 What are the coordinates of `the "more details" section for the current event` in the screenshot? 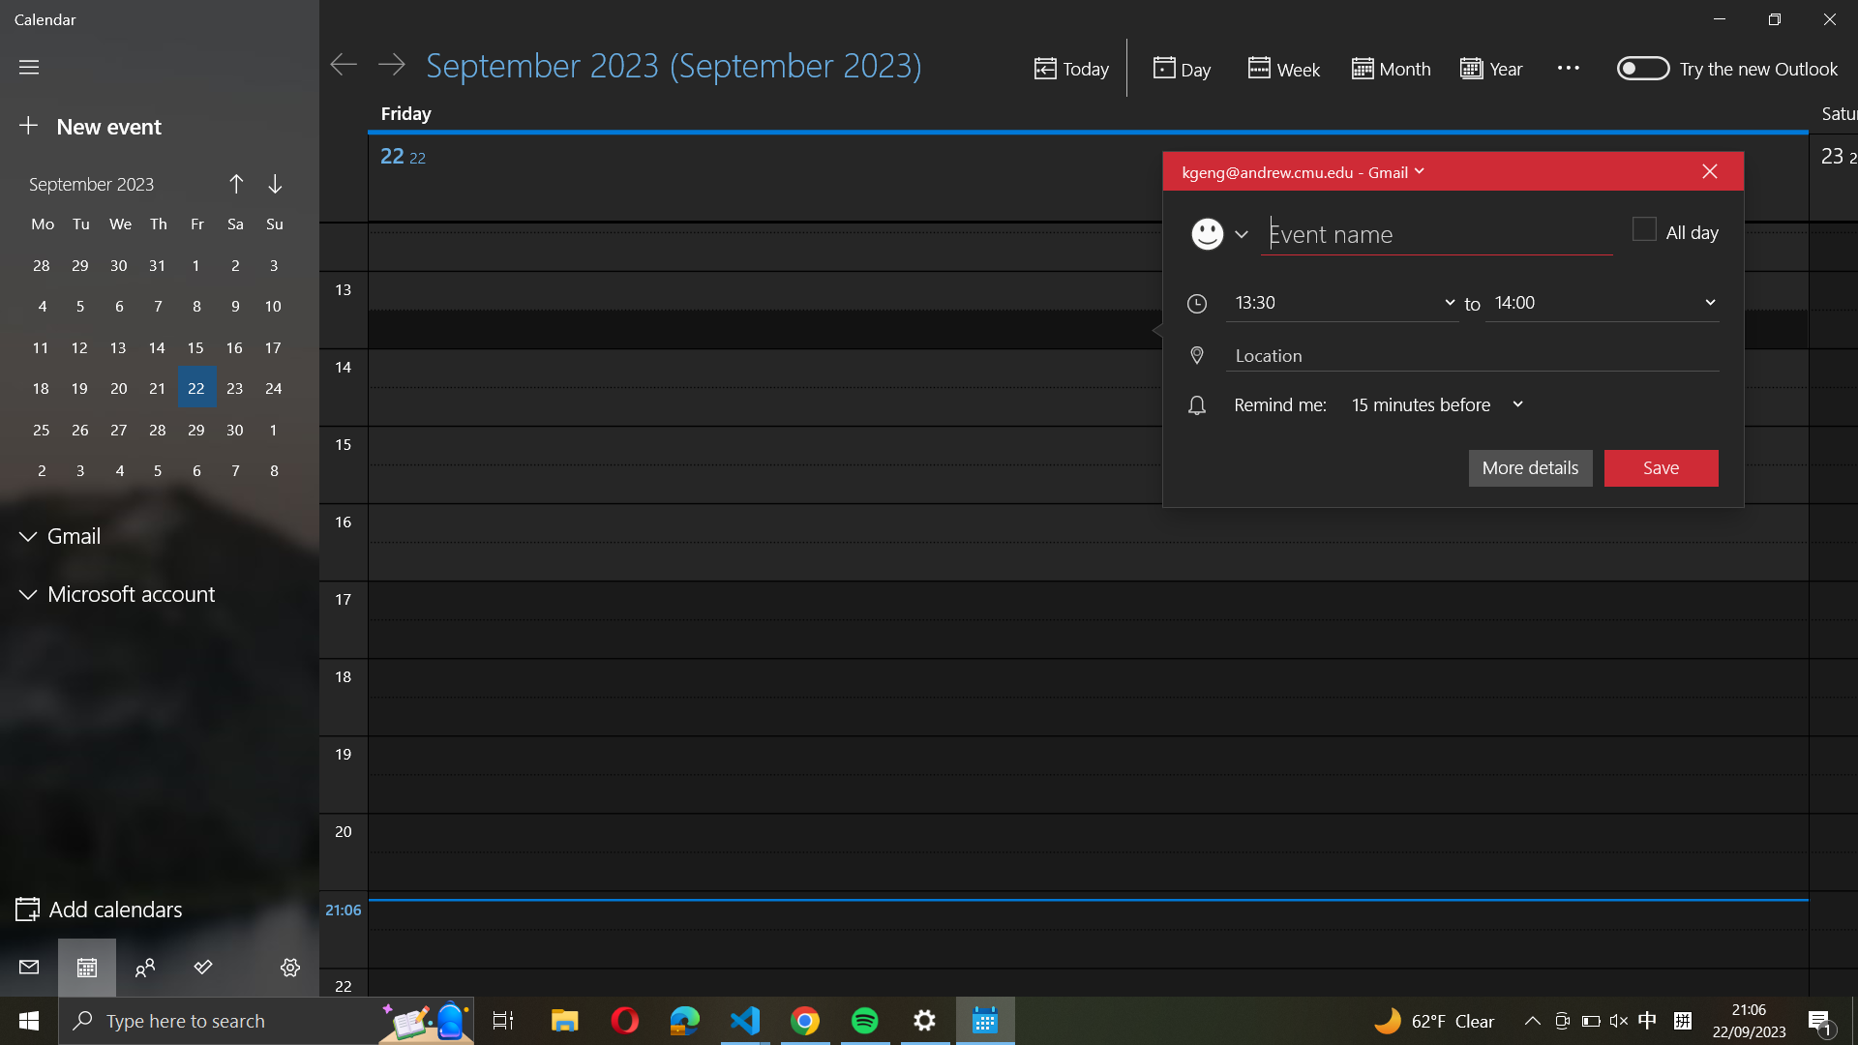 It's located at (1529, 465).